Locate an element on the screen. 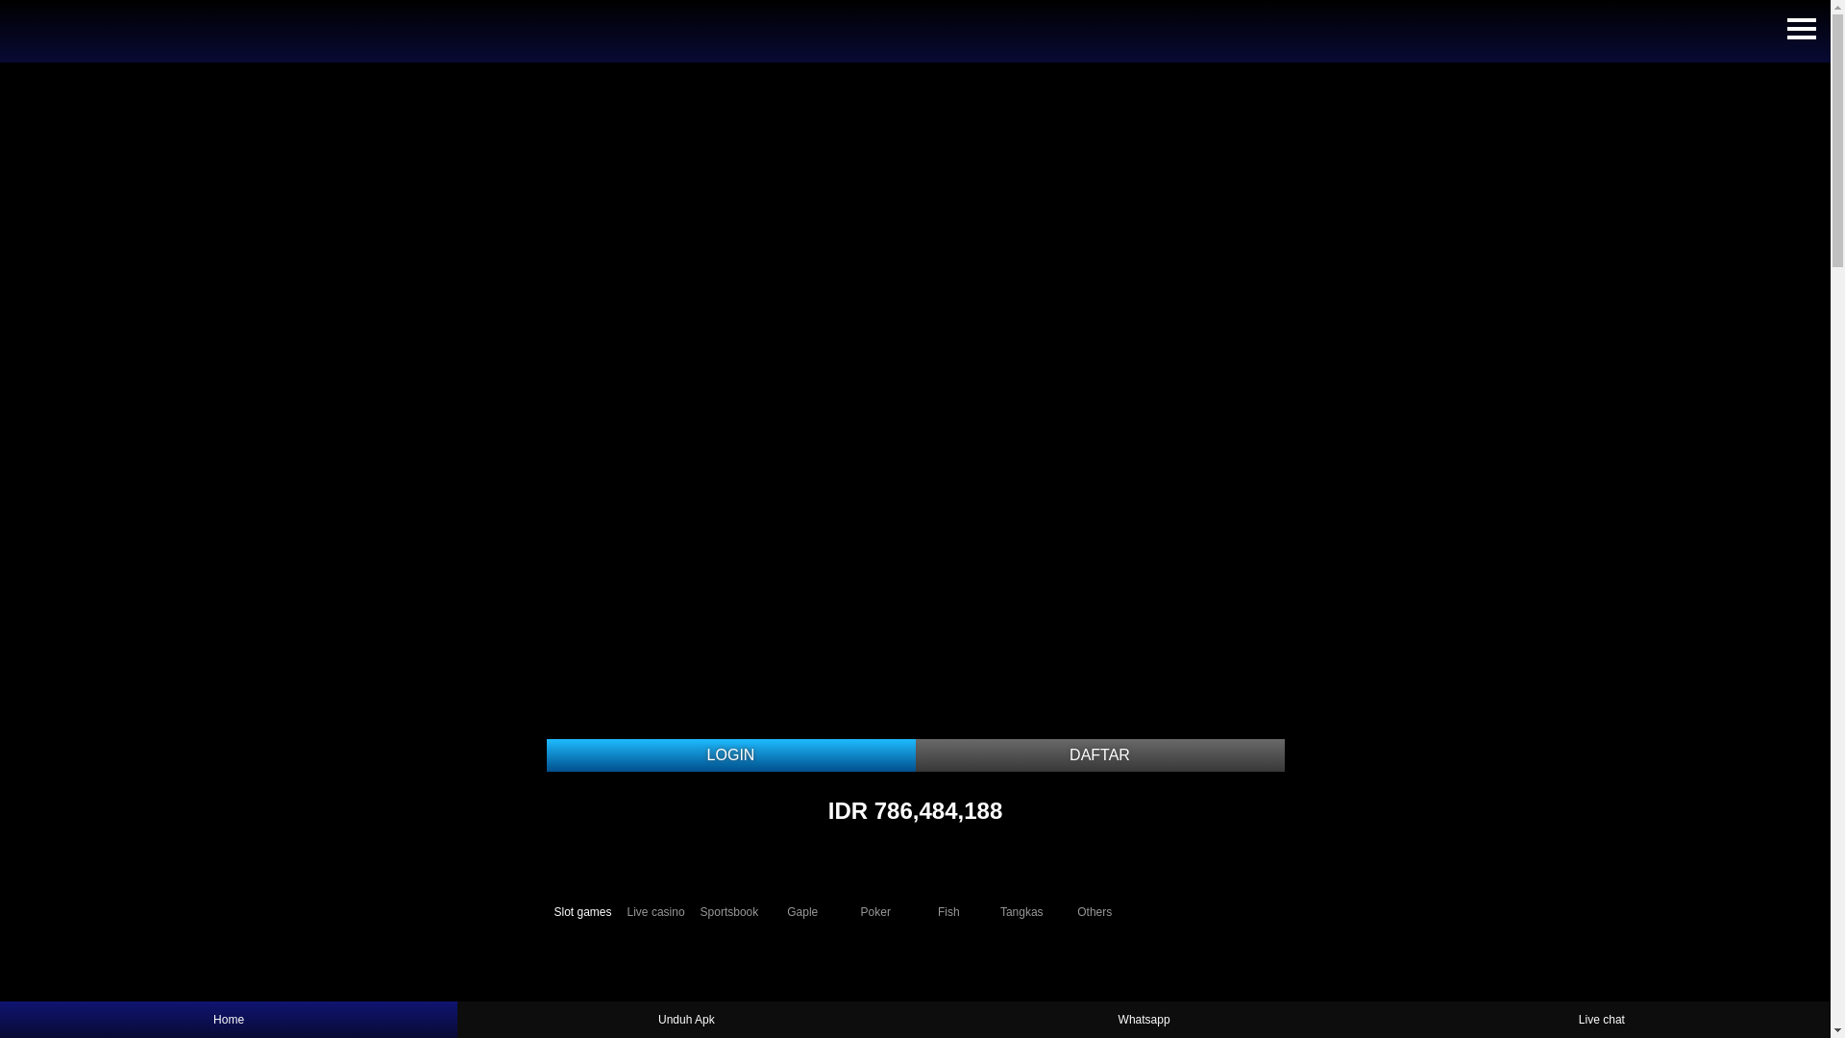  'LOGIN' is located at coordinates (728, 754).